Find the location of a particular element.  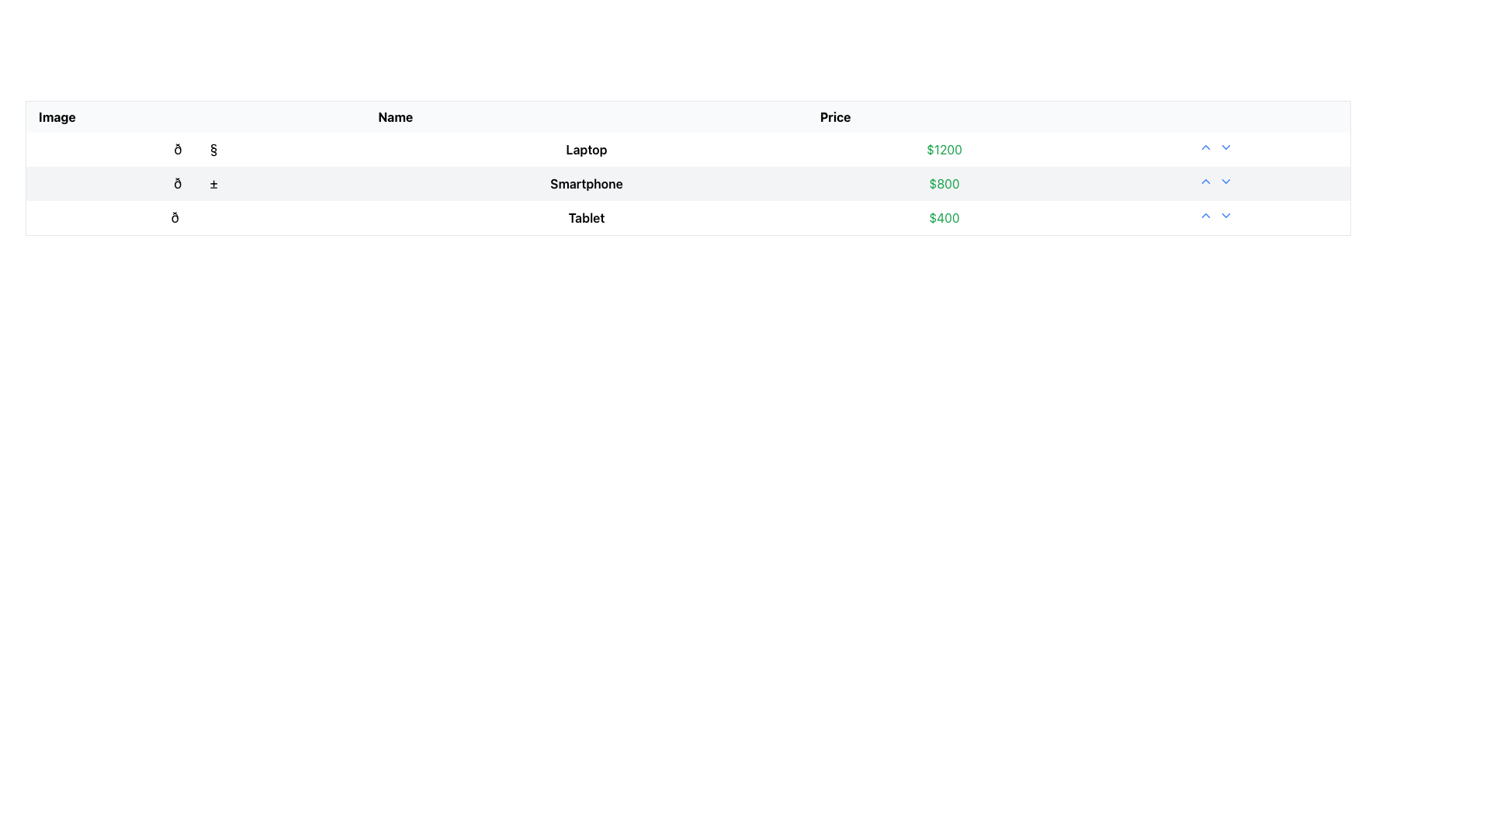

the text label displaying the price '$1200' for the 'Laptop' item is located at coordinates (944, 149).